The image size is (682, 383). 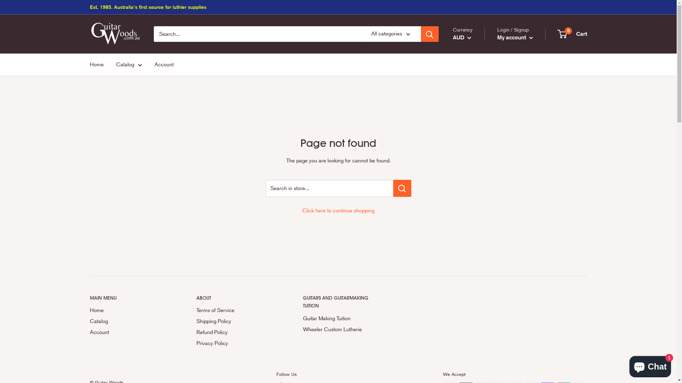 What do you see at coordinates (237, 298) in the screenshot?
I see `'ABOUT'` at bounding box center [237, 298].